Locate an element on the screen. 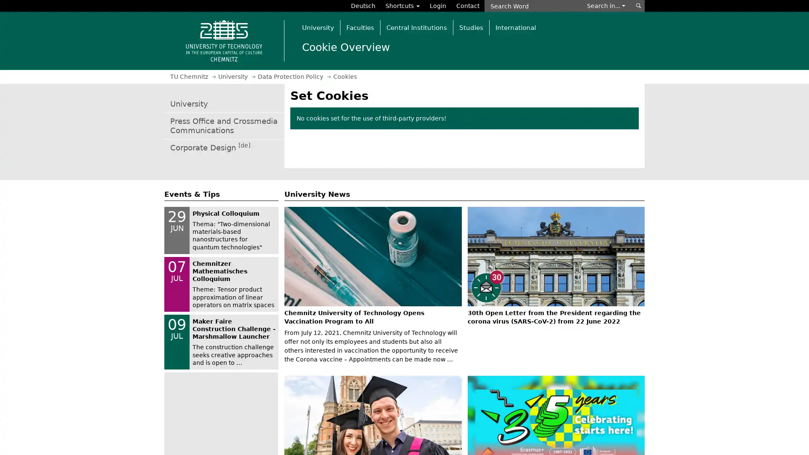 Image resolution: width=809 pixels, height=455 pixels. Faculties is located at coordinates (360, 27).